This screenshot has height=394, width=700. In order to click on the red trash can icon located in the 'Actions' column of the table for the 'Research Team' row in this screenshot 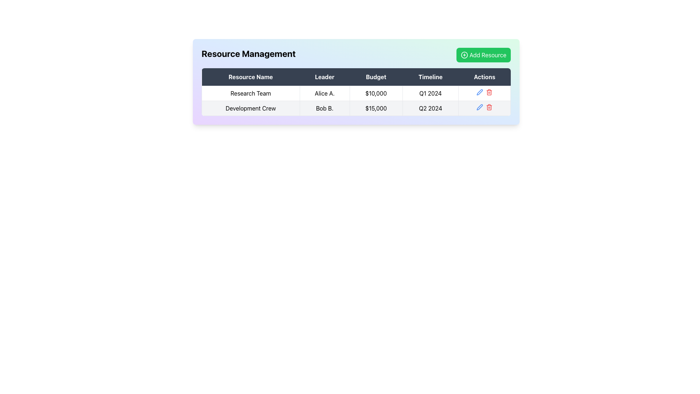, I will do `click(485, 93)`.